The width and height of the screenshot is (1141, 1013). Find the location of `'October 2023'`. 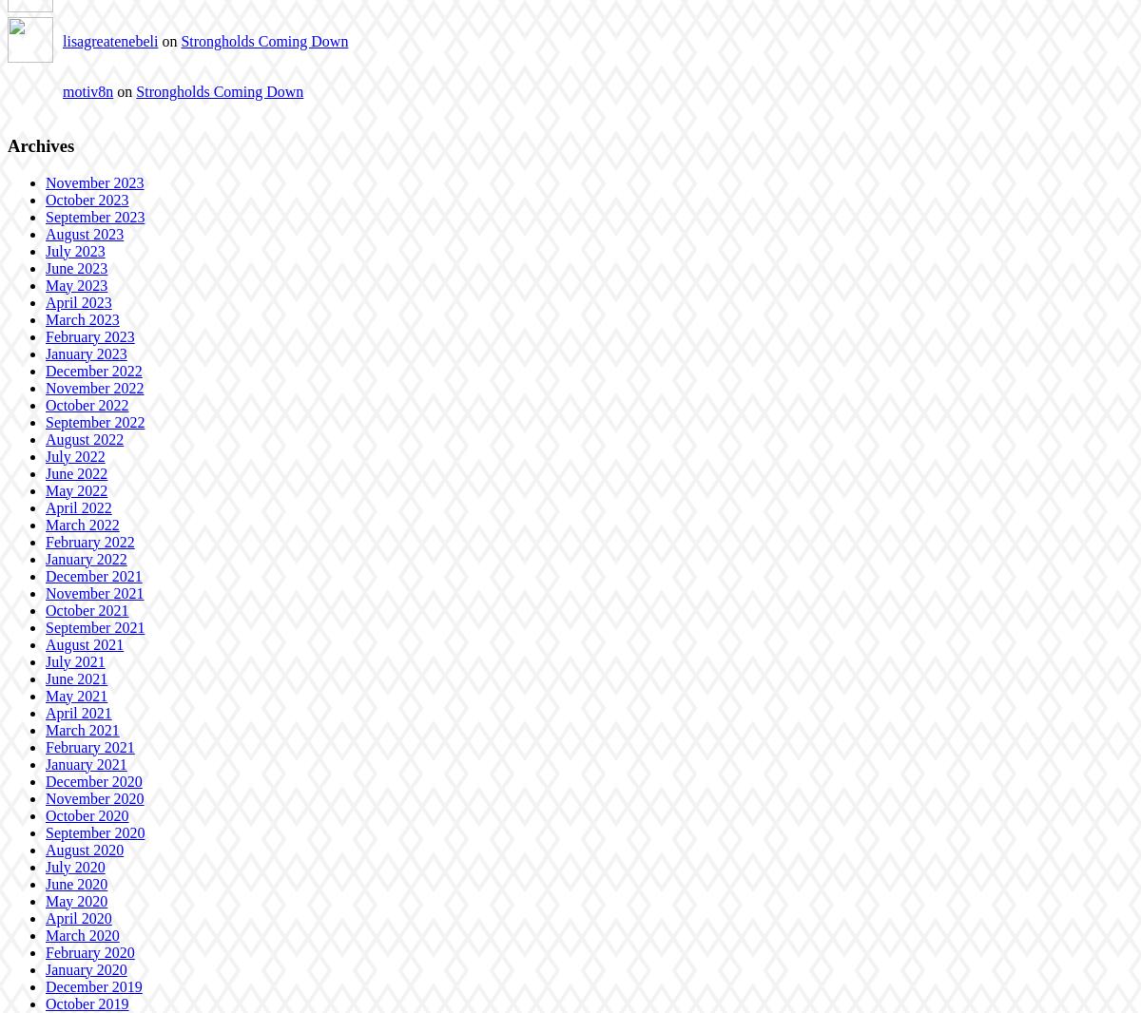

'October 2023' is located at coordinates (87, 198).